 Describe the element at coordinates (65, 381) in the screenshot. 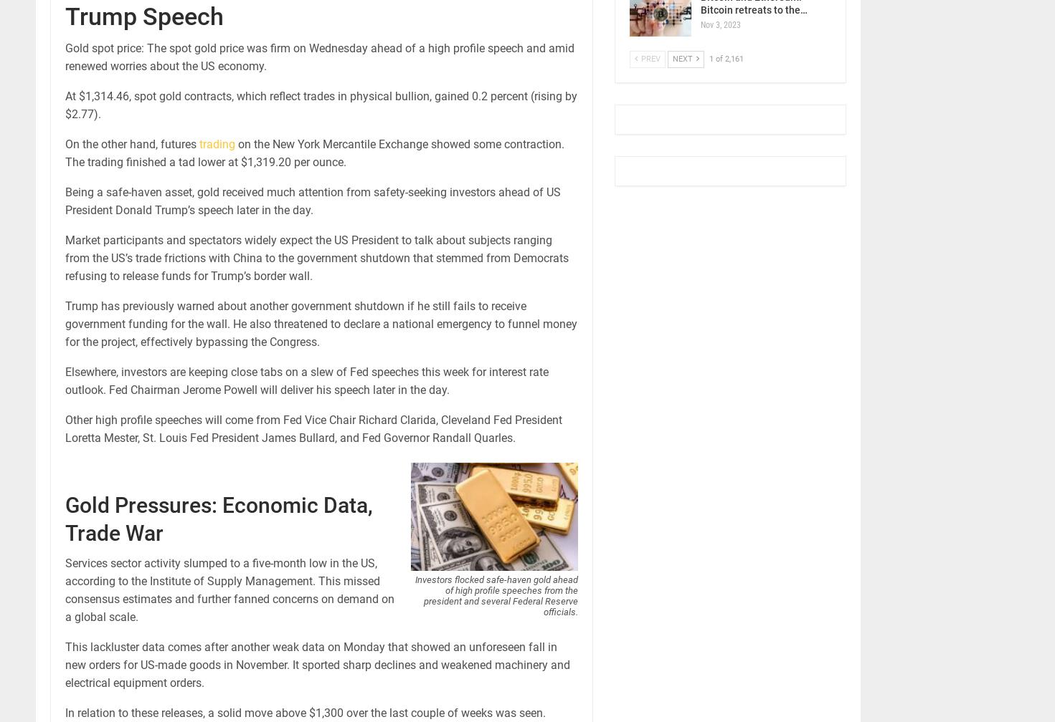

I see `'Elsewhere, investors are keeping close tabs on a slew of Fed speeches this week for interest rate outlook. Fed Chairman Jerome Powell will deliver his speech later in the day.'` at that location.